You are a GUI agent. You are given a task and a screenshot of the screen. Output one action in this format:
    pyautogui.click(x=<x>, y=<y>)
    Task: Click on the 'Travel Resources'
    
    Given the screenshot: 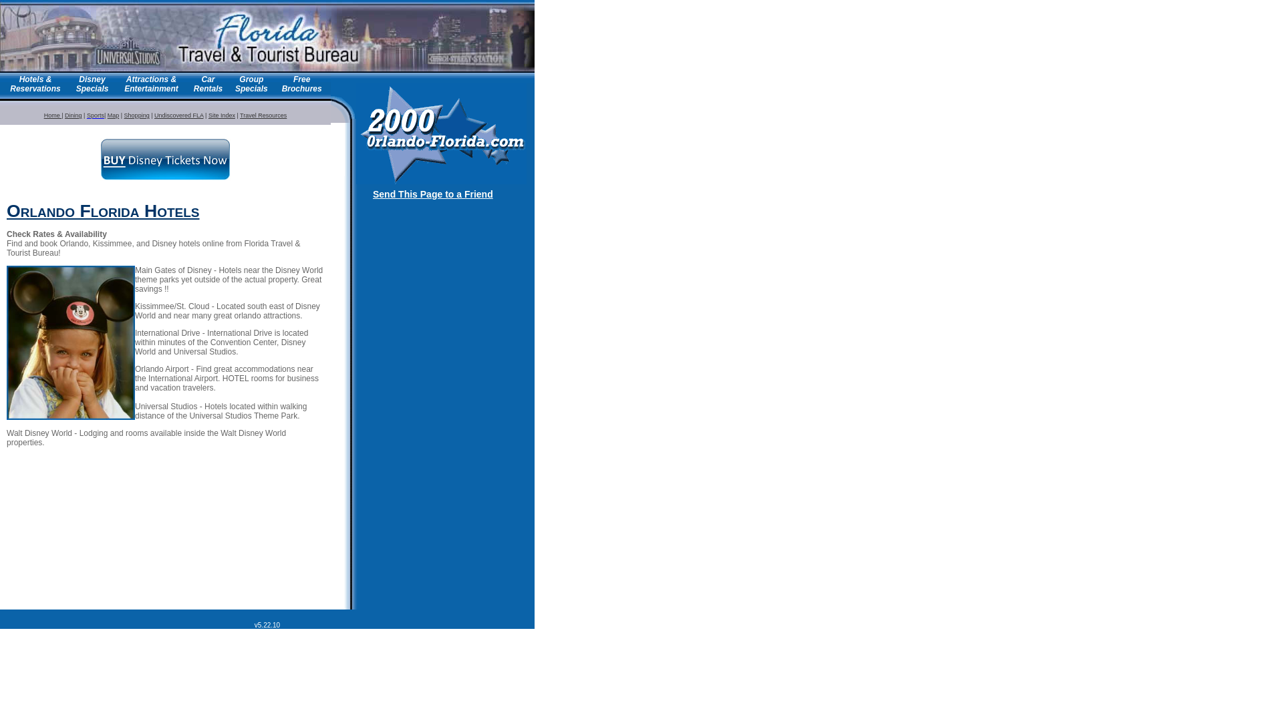 What is the action you would take?
    pyautogui.click(x=263, y=115)
    